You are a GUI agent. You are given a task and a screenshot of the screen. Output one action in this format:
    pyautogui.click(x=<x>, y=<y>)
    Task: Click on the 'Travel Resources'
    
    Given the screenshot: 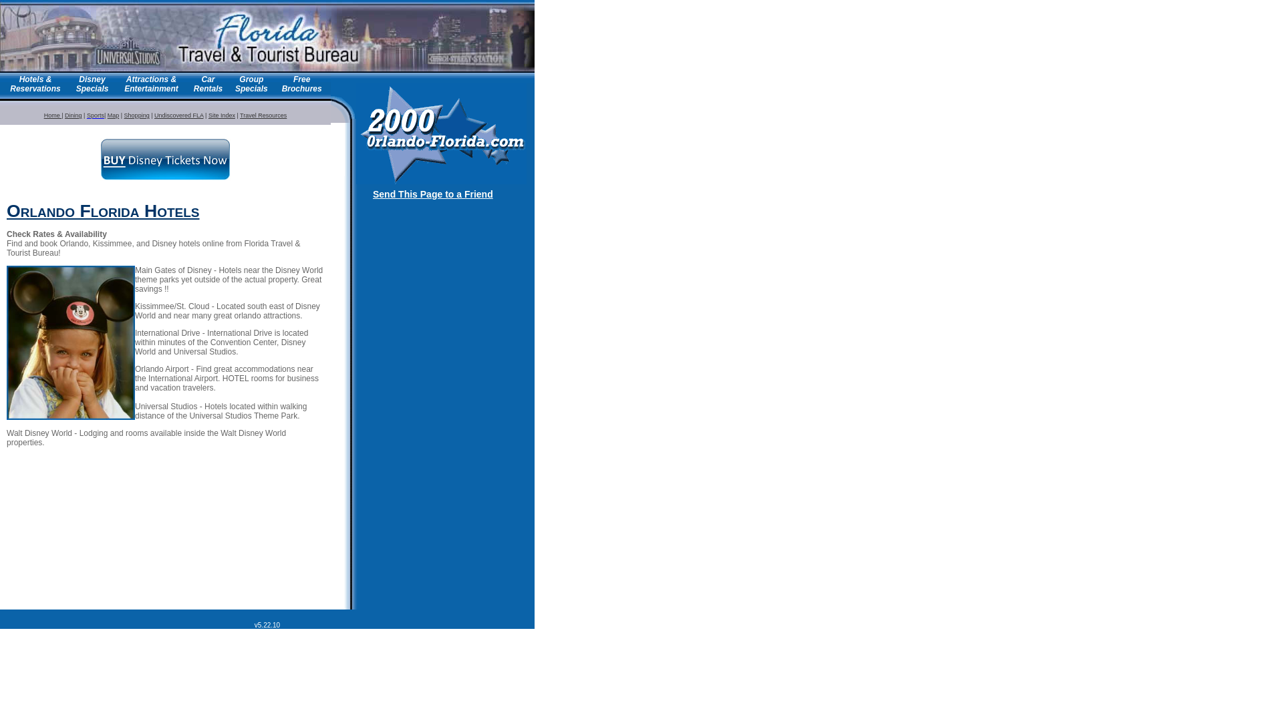 What is the action you would take?
    pyautogui.click(x=263, y=115)
    